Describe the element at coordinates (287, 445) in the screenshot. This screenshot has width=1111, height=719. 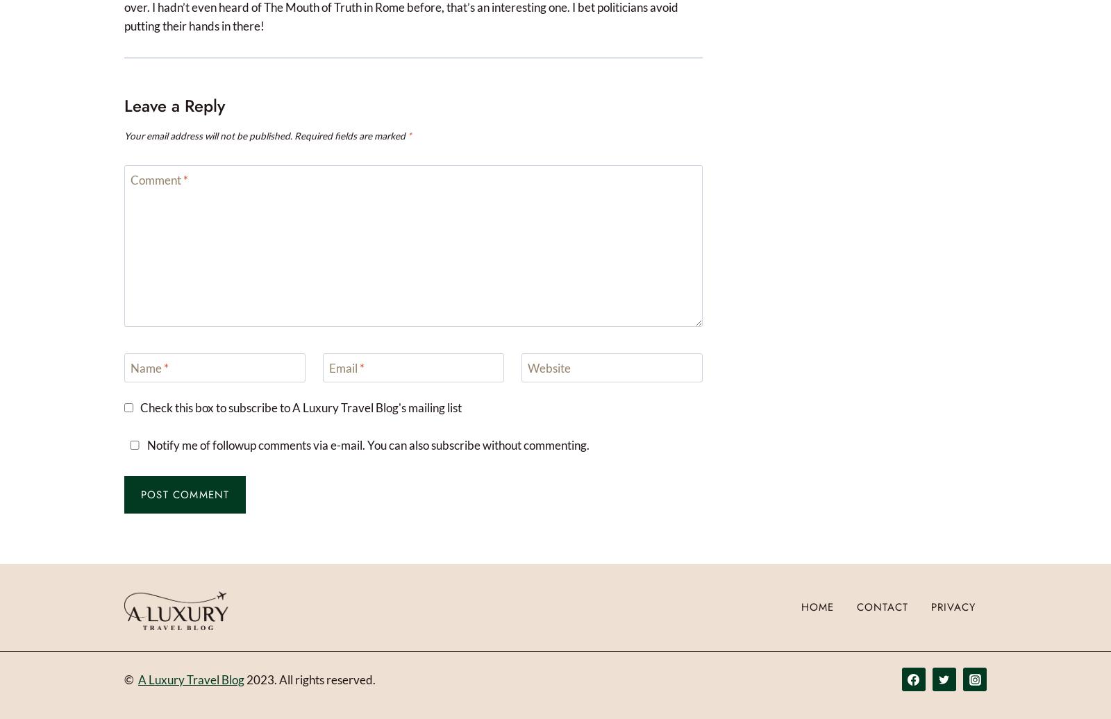
I see `'Notify me of followup comments via e-mail. You can also'` at that location.